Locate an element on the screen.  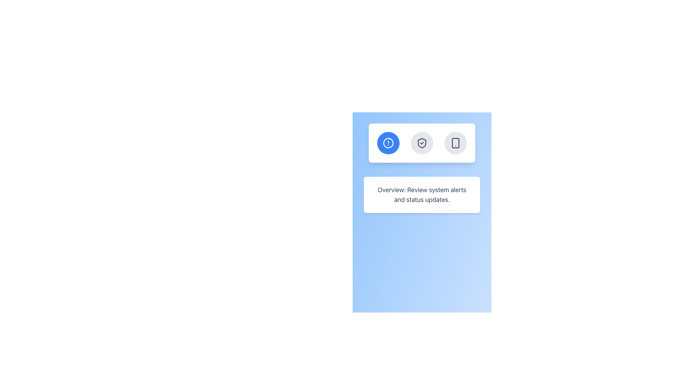
the 'Shield with Checkmark' icon, which is the middle icon in a group of three icons on a blue background panel, to interact with it is located at coordinates (422, 142).